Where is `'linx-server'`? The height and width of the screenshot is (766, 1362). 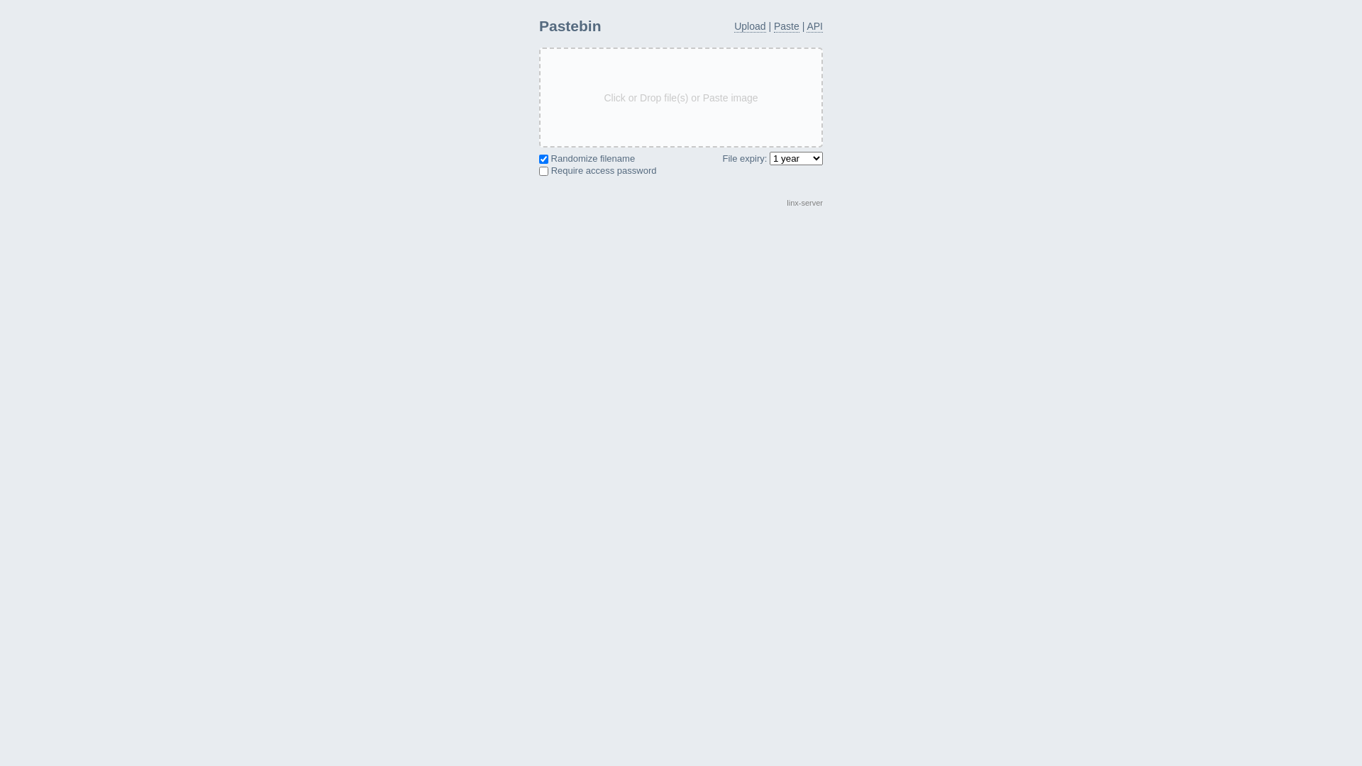 'linx-server' is located at coordinates (785, 202).